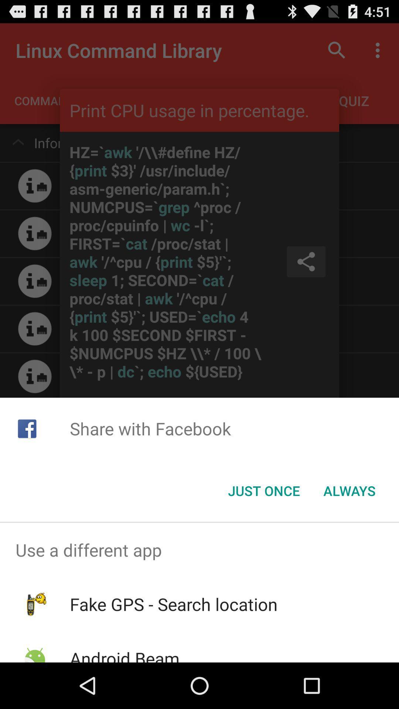 The width and height of the screenshot is (399, 709). I want to click on app below use a different item, so click(174, 604).